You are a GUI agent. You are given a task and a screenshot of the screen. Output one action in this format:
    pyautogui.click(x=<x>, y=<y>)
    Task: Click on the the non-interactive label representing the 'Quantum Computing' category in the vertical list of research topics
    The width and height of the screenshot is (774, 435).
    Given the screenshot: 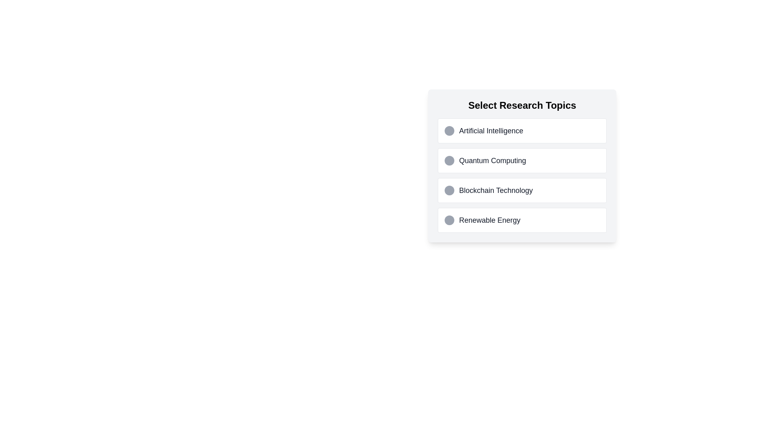 What is the action you would take?
    pyautogui.click(x=522, y=160)
    